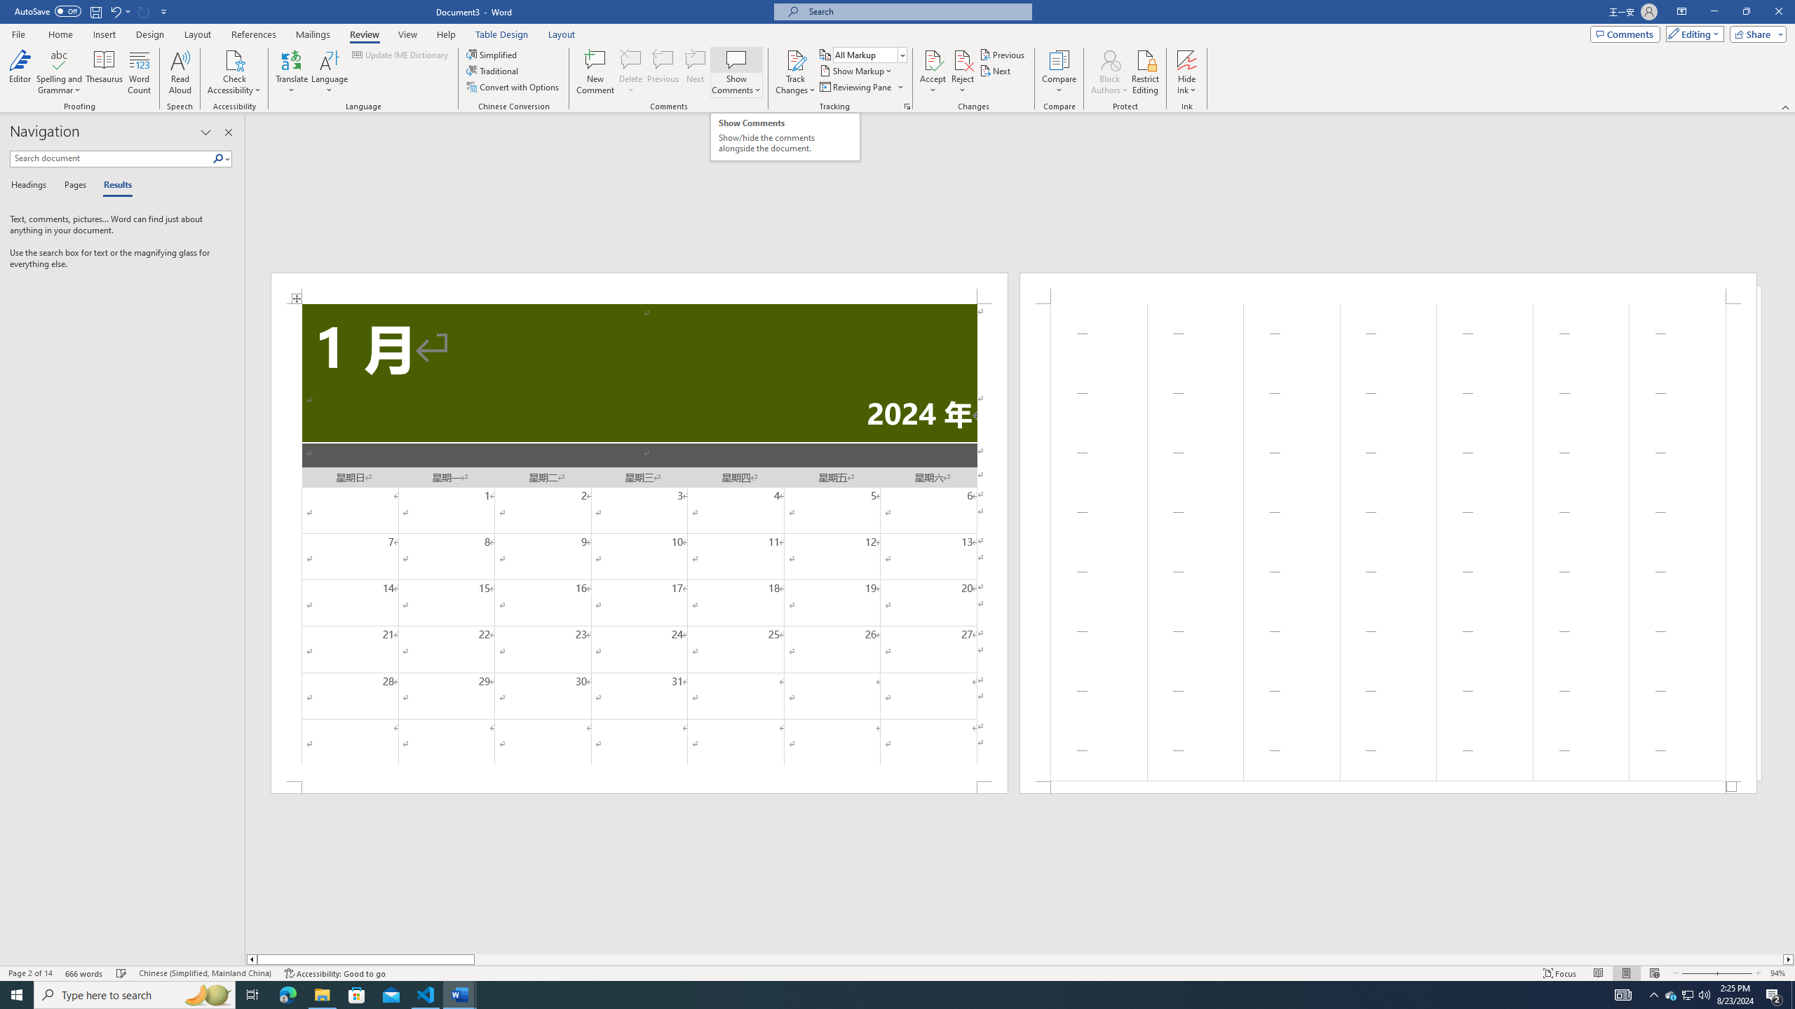  I want to click on 'Language', so click(330, 72).